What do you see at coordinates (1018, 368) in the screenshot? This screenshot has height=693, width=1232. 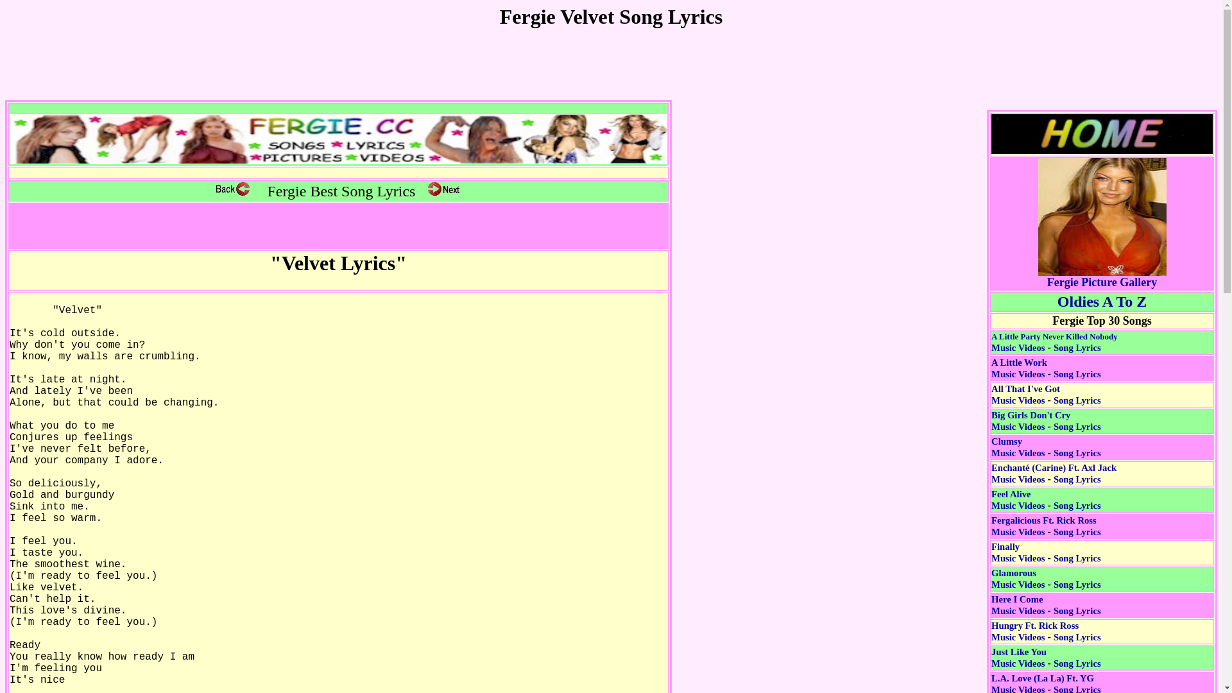 I see `'A Little Work` at bounding box center [1018, 368].